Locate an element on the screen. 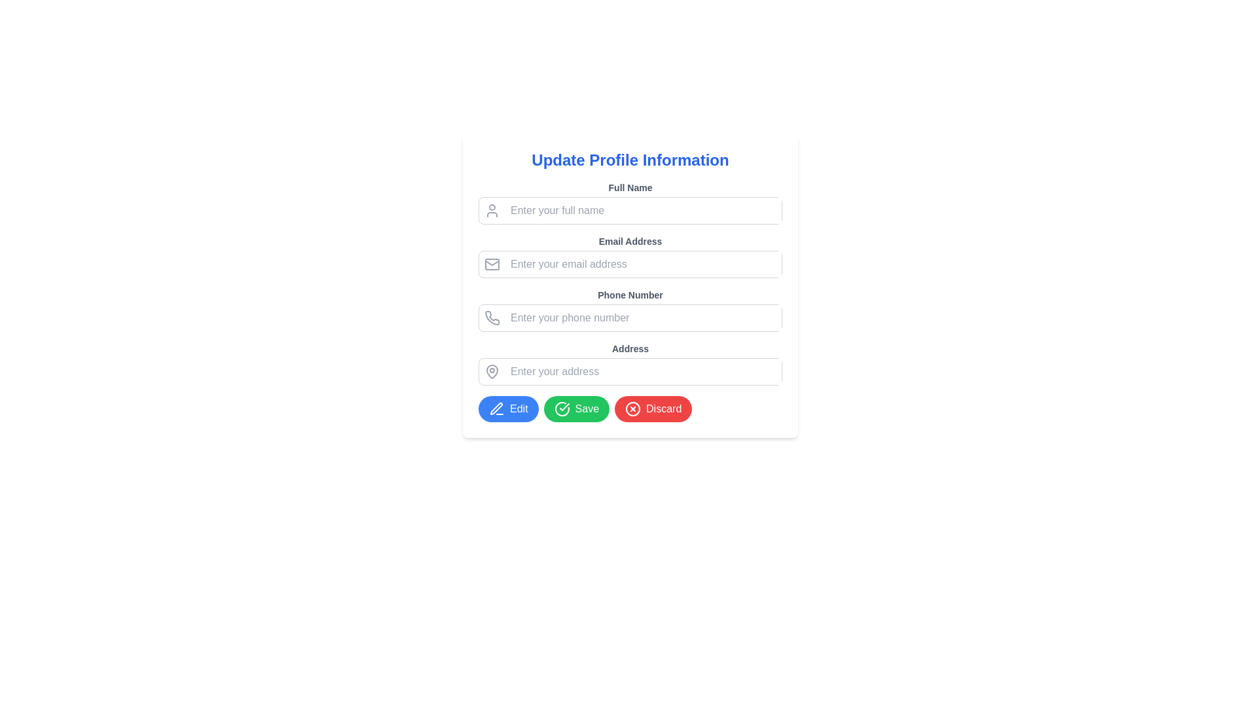  properties of the SVG graphic/icon located on the left-hand side of the 'Save' button, which visually reinforces the concept of saving changes is located at coordinates (562, 408).